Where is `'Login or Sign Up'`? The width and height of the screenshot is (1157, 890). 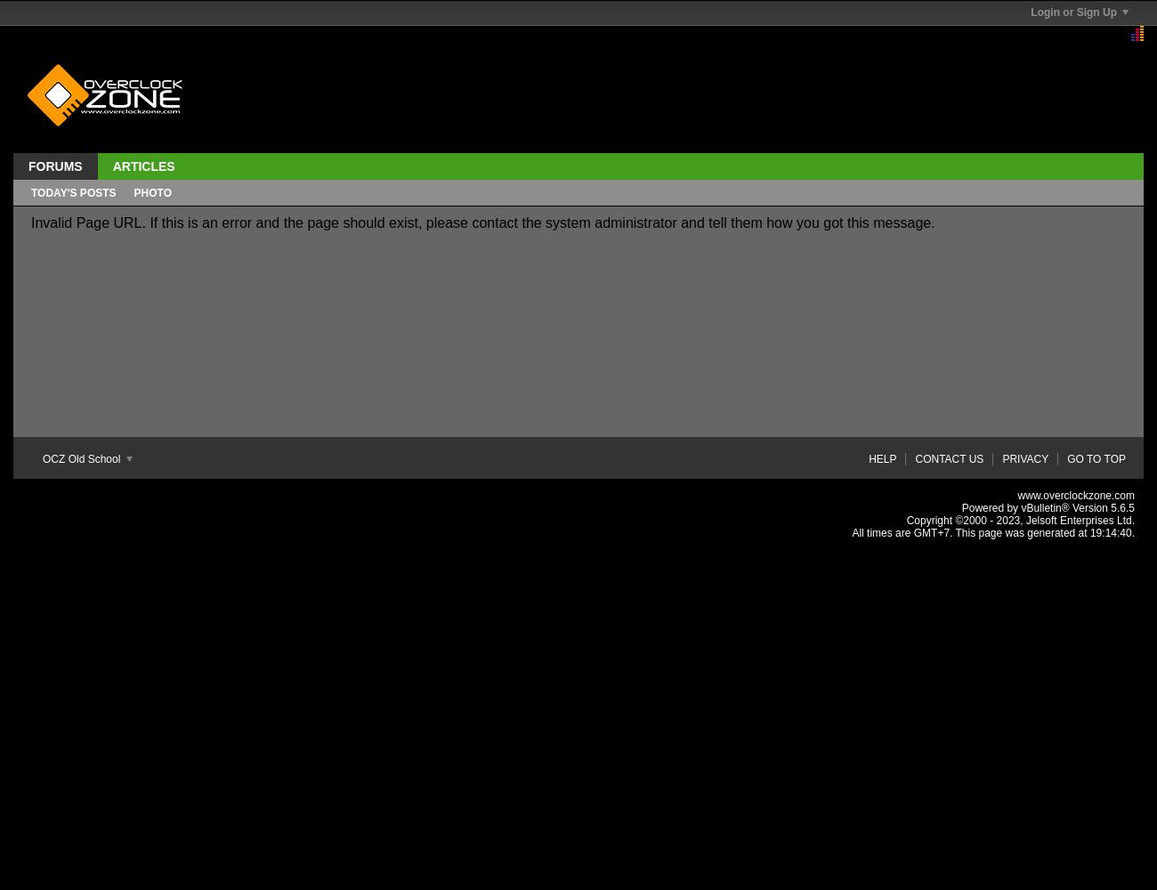 'Login or Sign Up' is located at coordinates (1072, 12).